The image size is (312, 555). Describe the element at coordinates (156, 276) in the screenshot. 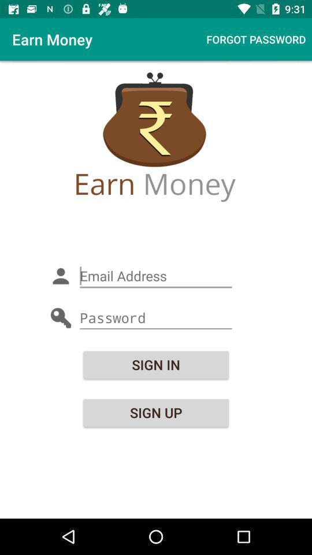

I see `insert email address` at that location.